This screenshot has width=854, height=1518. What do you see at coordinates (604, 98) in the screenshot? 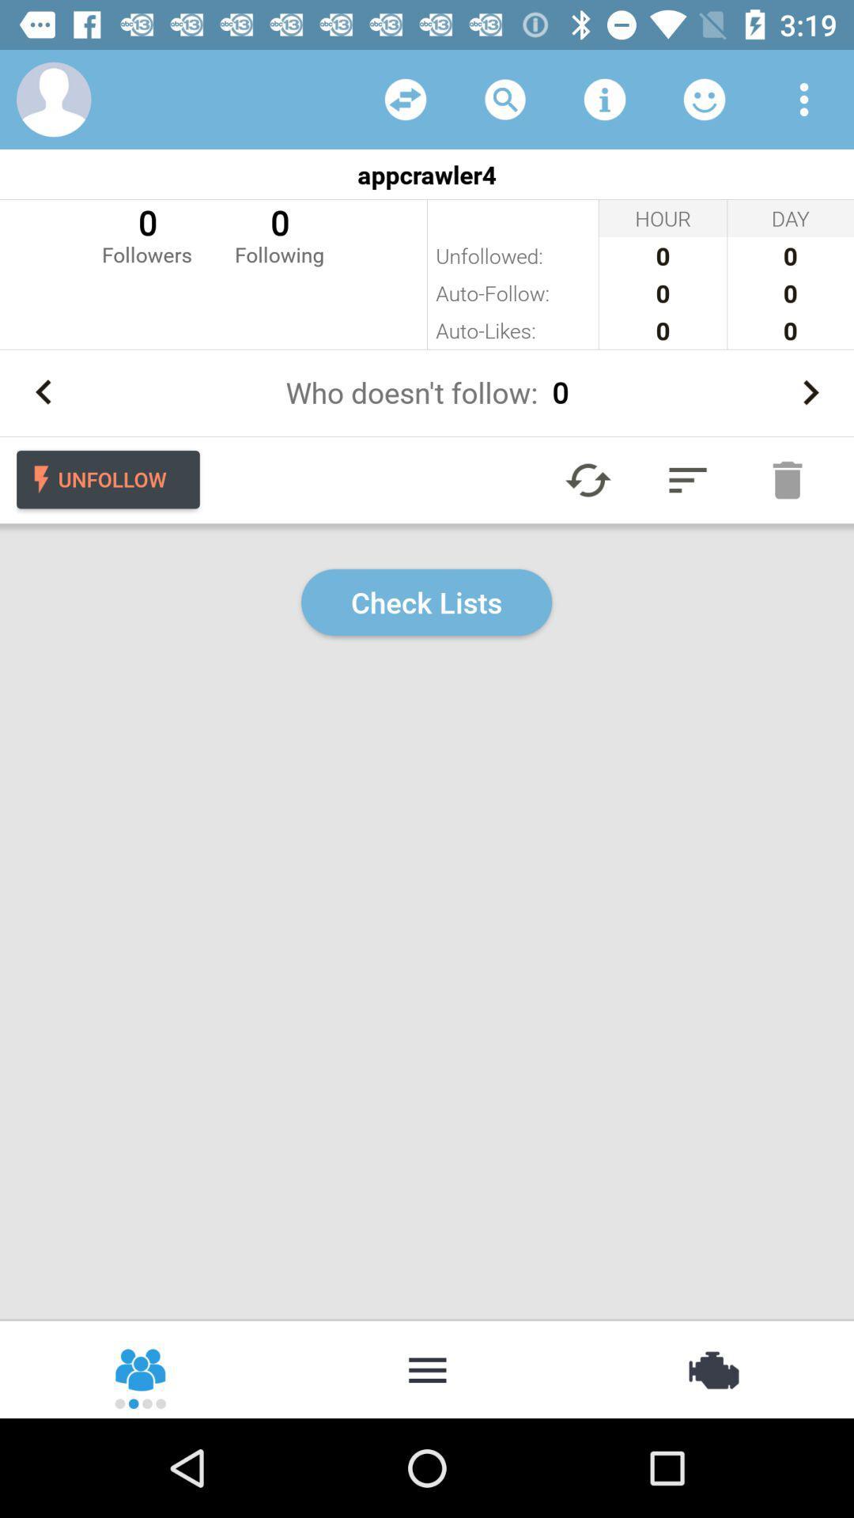
I see `the item above appcrawler4` at bounding box center [604, 98].